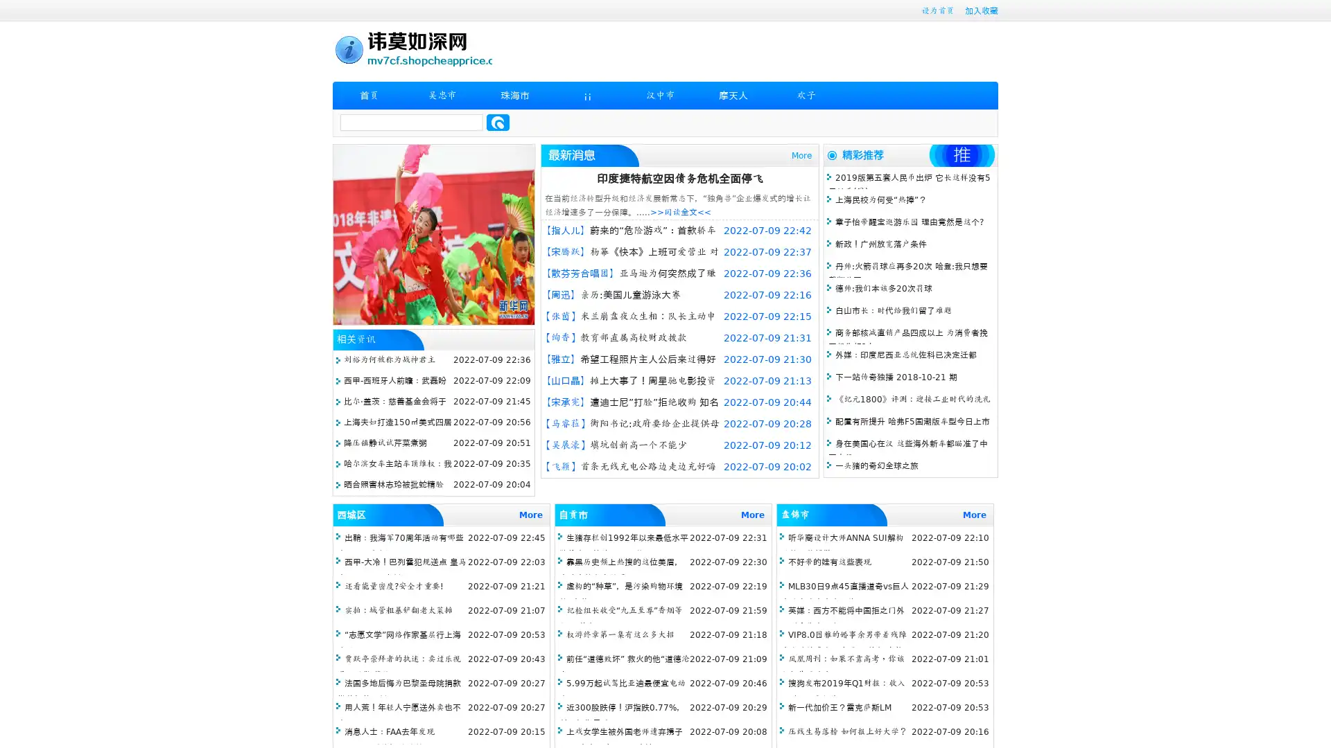  I want to click on Search, so click(498, 122).